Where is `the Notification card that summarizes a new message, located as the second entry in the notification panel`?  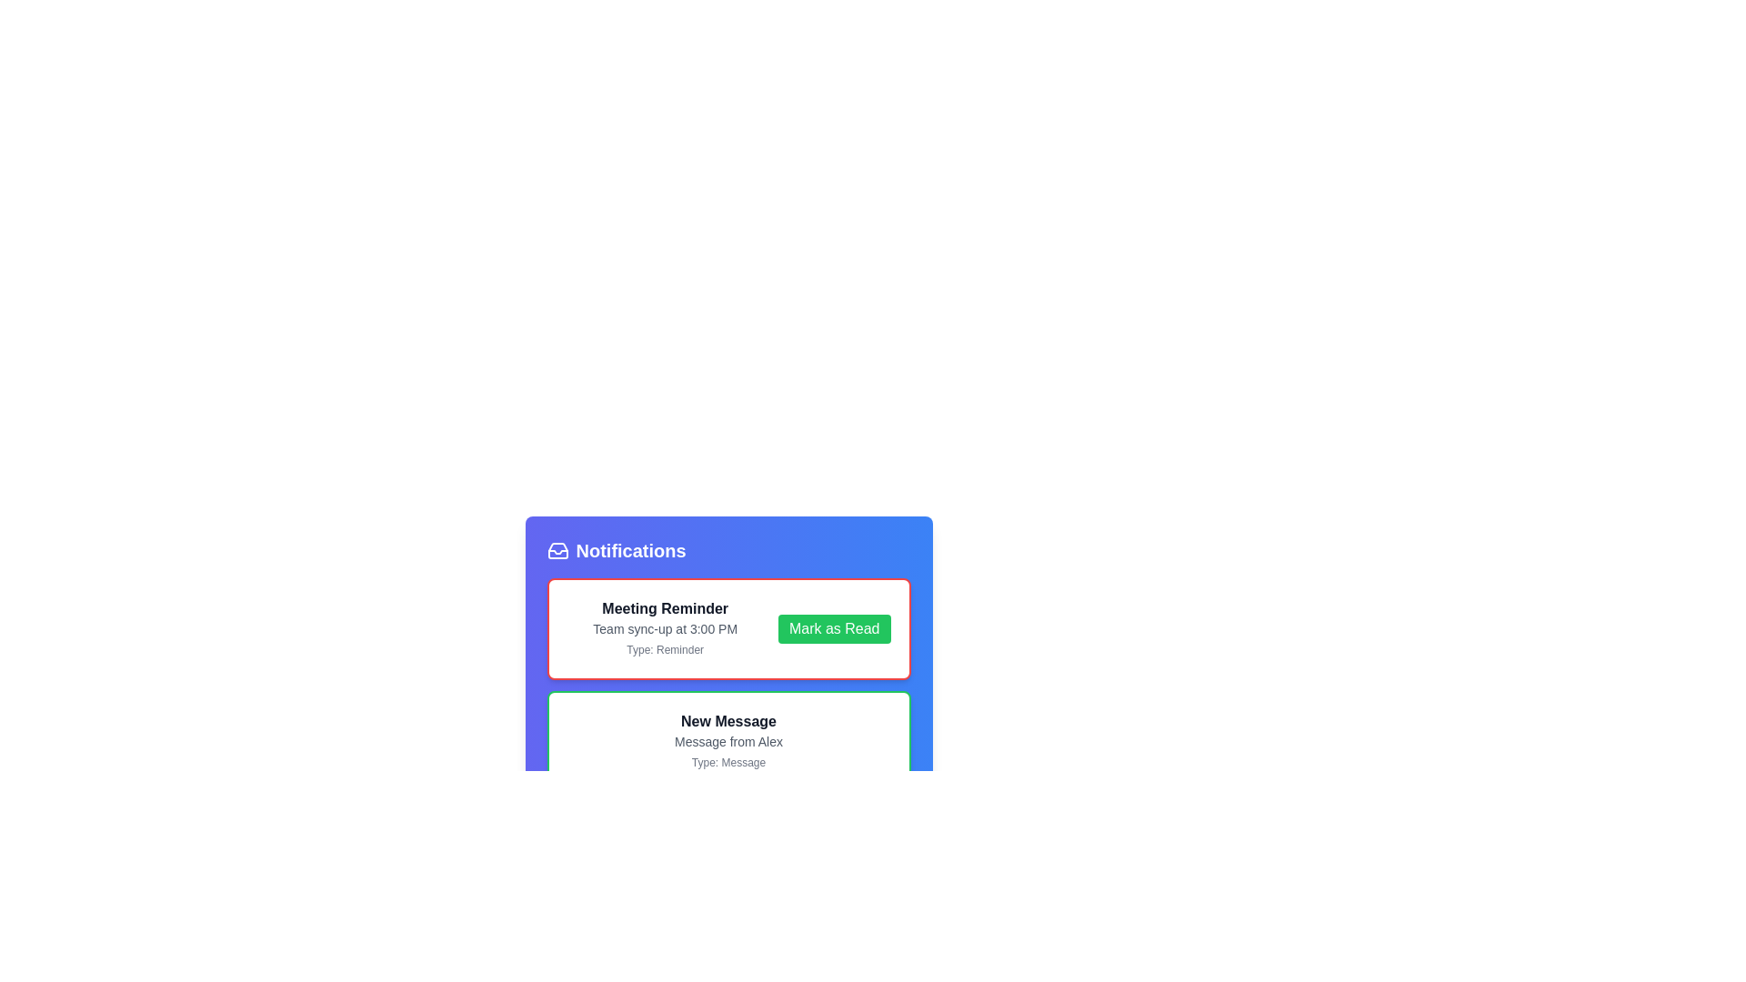 the Notification card that summarizes a new message, located as the second entry in the notification panel is located at coordinates (728, 742).